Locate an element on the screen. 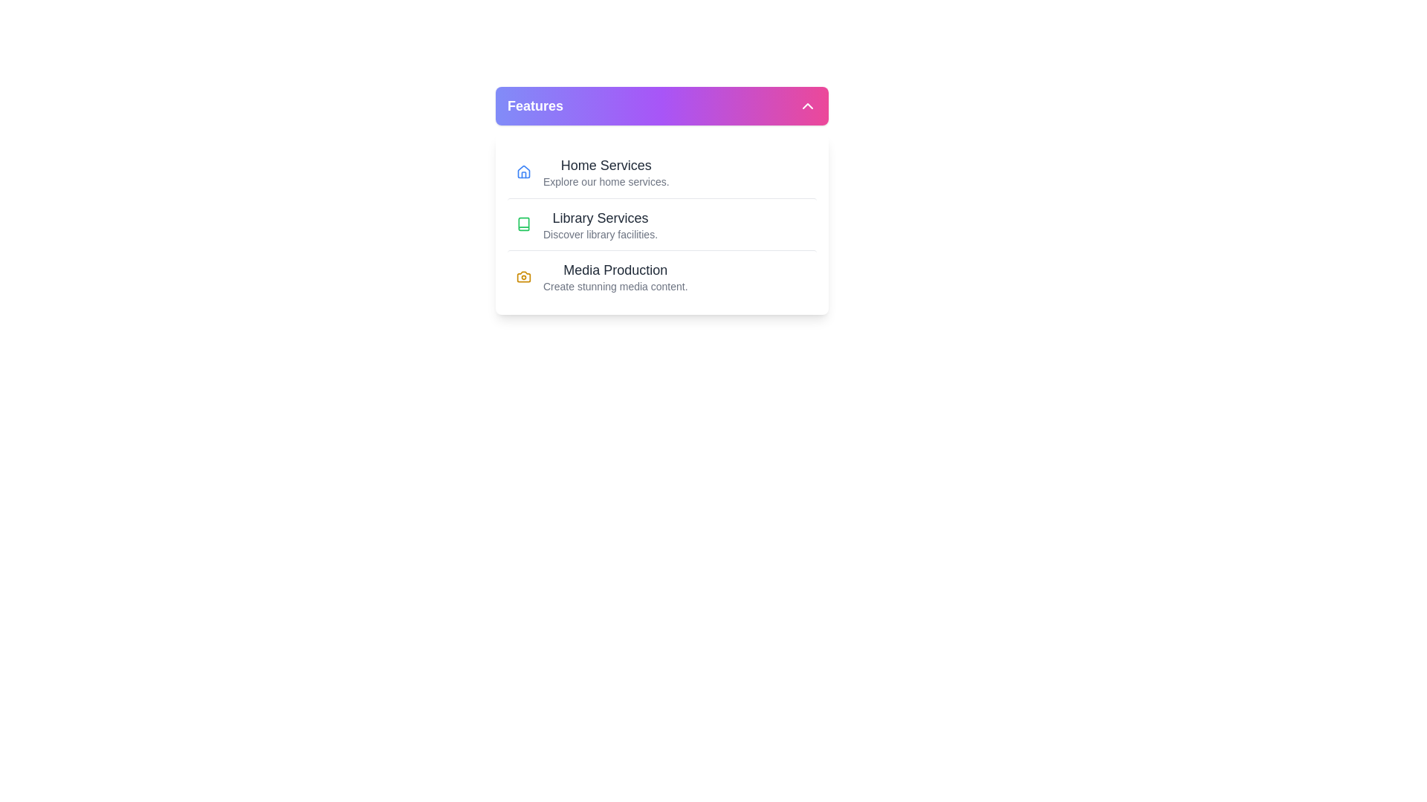 The height and width of the screenshot is (802, 1427). the topmost entry in the list of features labeled 'Home Services' is located at coordinates (606, 171).